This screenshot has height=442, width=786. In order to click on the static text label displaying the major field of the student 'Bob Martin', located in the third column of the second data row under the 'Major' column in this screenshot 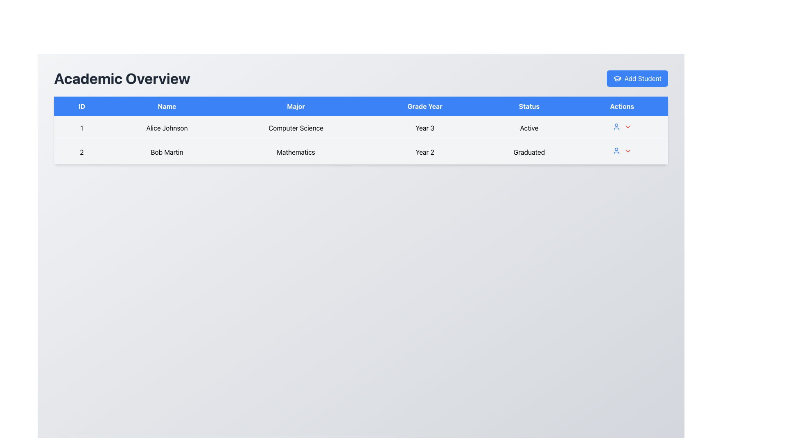, I will do `click(296, 152)`.